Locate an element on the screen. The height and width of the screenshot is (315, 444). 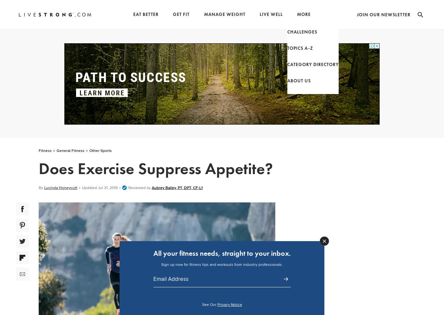
'Eat Better' is located at coordinates (146, 14).